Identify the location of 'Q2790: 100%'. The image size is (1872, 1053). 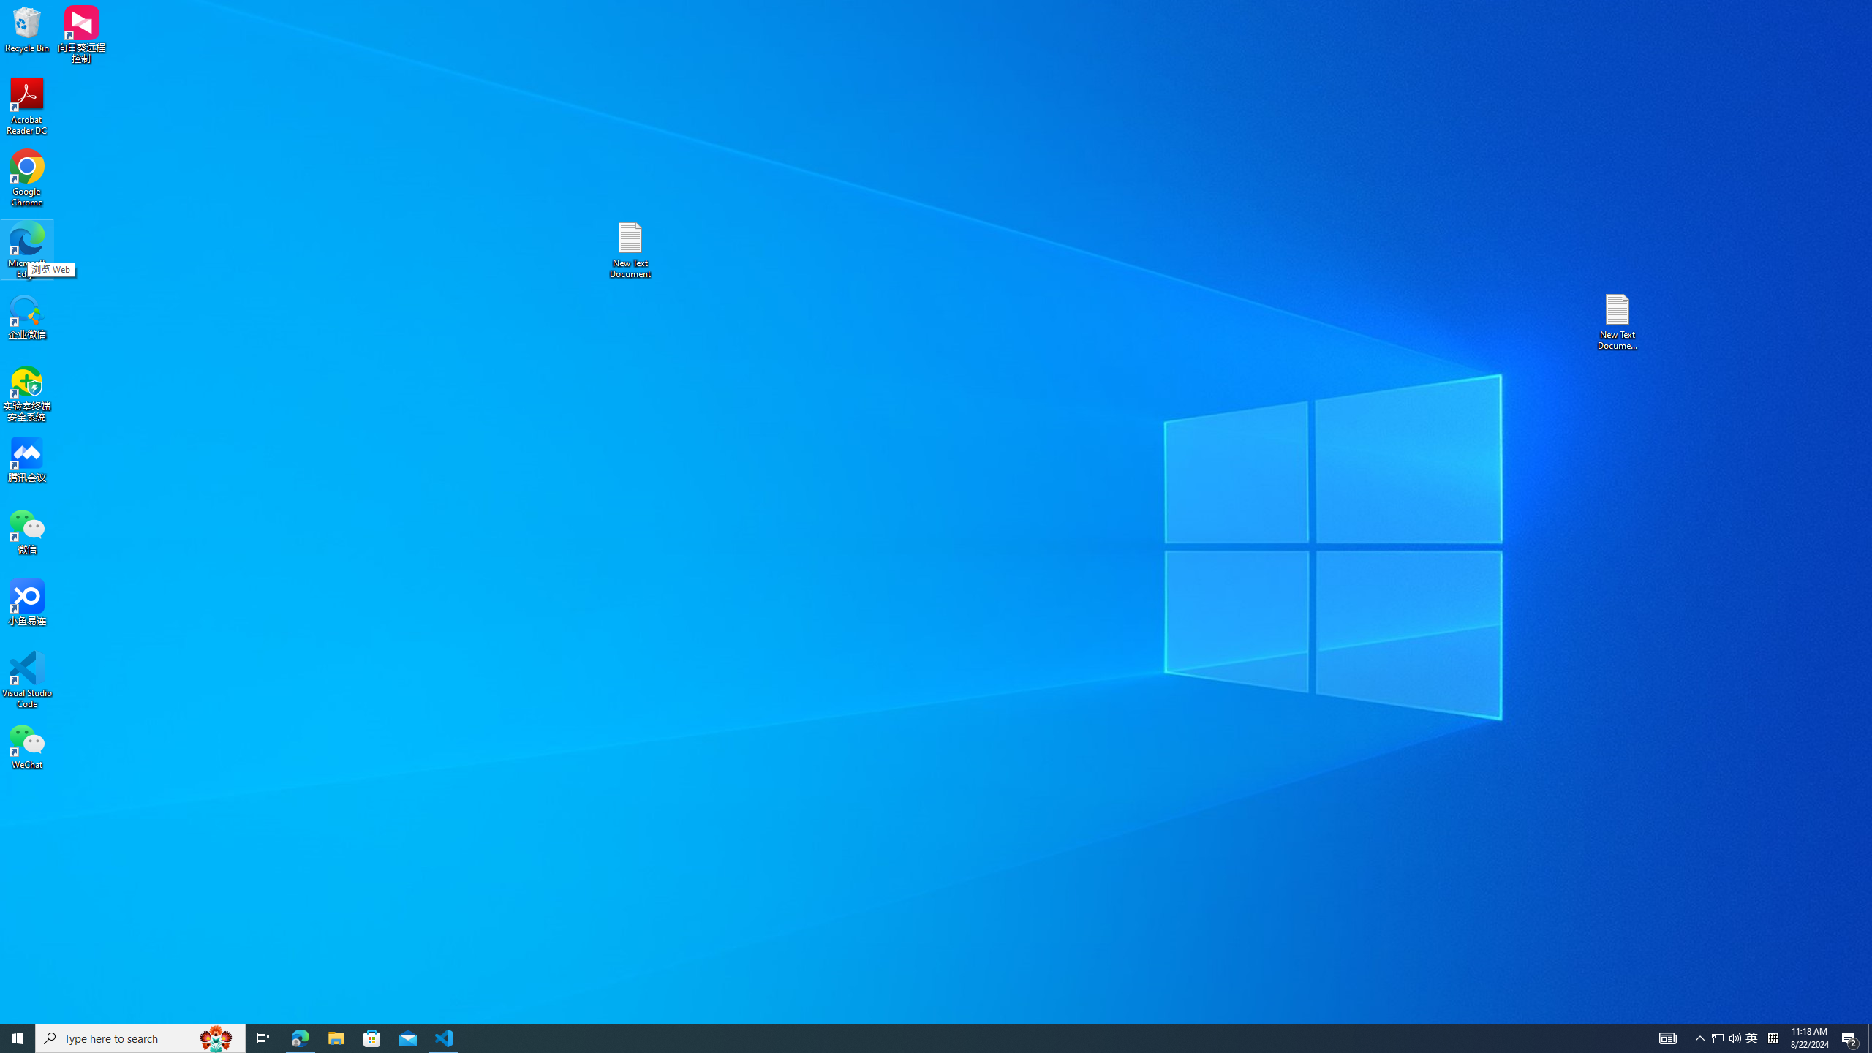
(1735, 1037).